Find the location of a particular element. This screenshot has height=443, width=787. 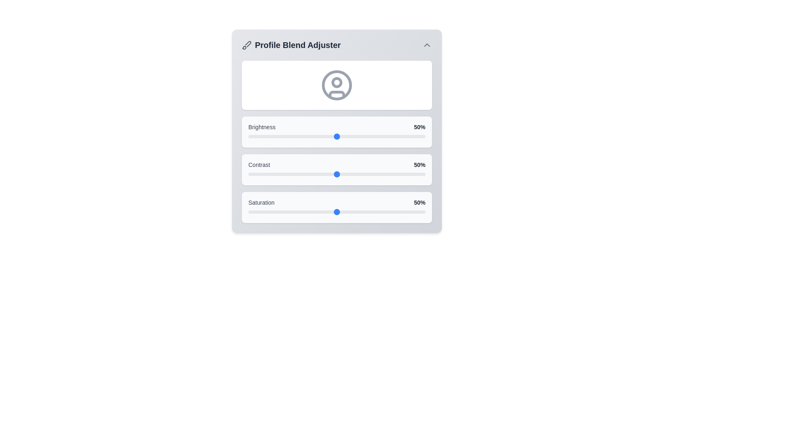

the 'Contrast' slider control, which features a gray background, rounded corners, and a blue circular knob positioned at the center indicating a 50% setting is located at coordinates (337, 169).